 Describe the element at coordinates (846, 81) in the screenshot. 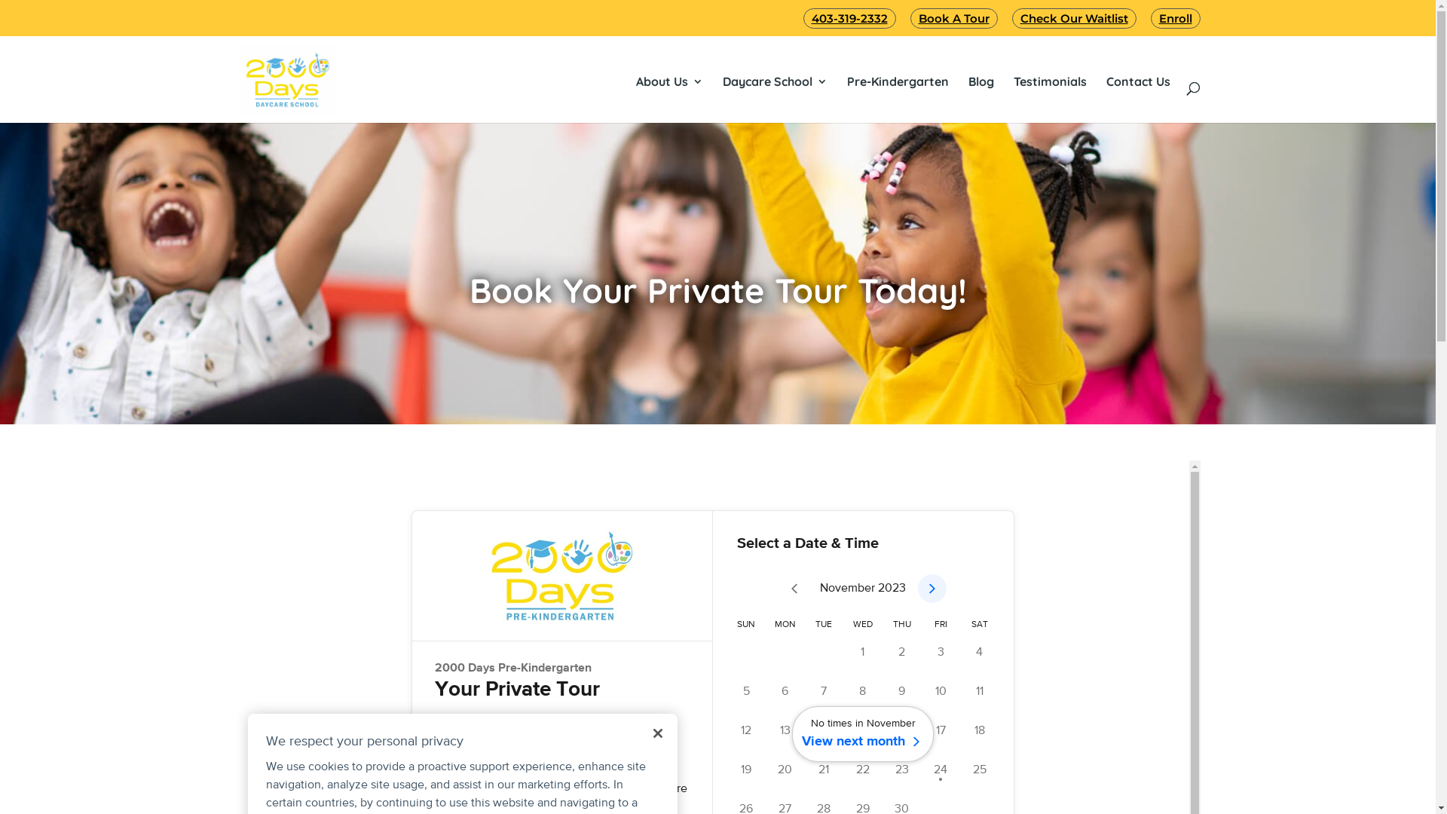

I see `'Pre-Kindergarten'` at that location.